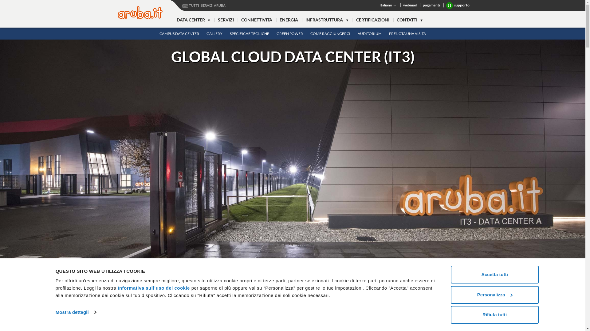  I want to click on 'PRENOTA UNA VISITA', so click(407, 33).